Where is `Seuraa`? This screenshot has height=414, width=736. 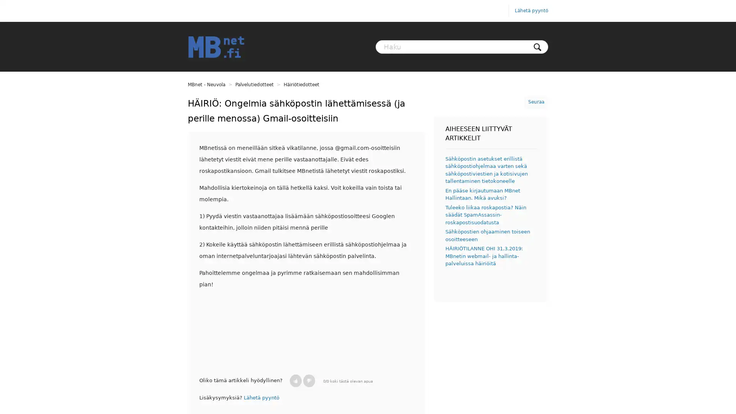 Seuraa is located at coordinates (536, 102).